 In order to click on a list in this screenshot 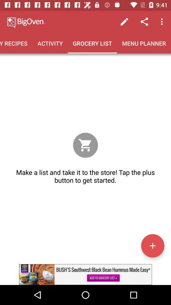, I will do `click(152, 245)`.